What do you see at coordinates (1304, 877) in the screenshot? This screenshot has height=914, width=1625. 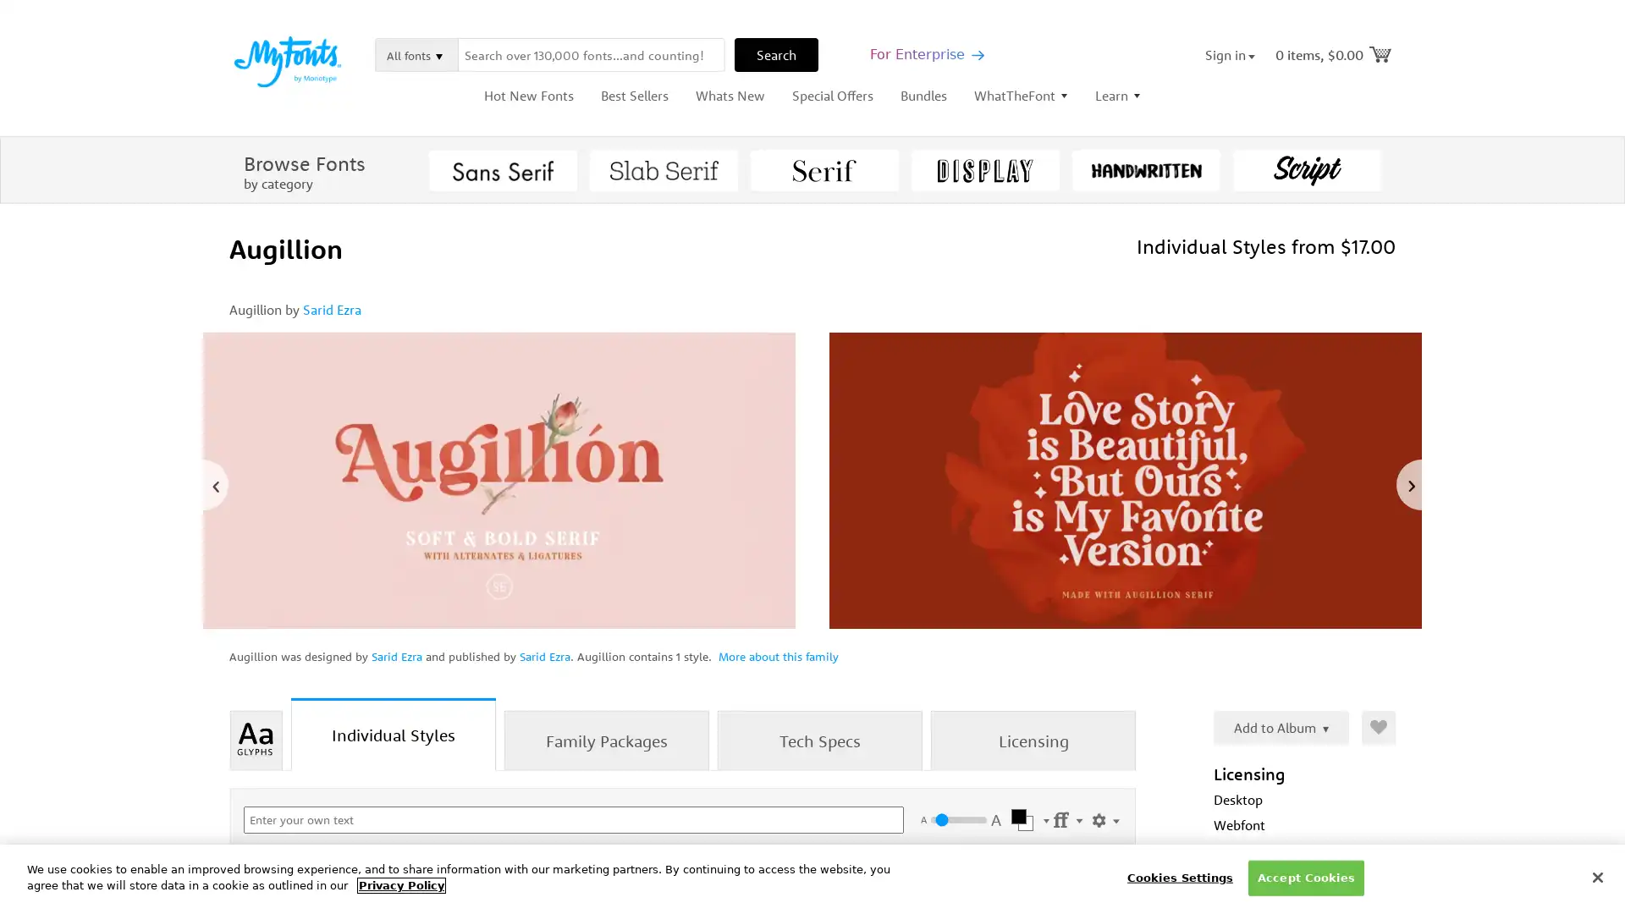 I see `Accept Cookies` at bounding box center [1304, 877].